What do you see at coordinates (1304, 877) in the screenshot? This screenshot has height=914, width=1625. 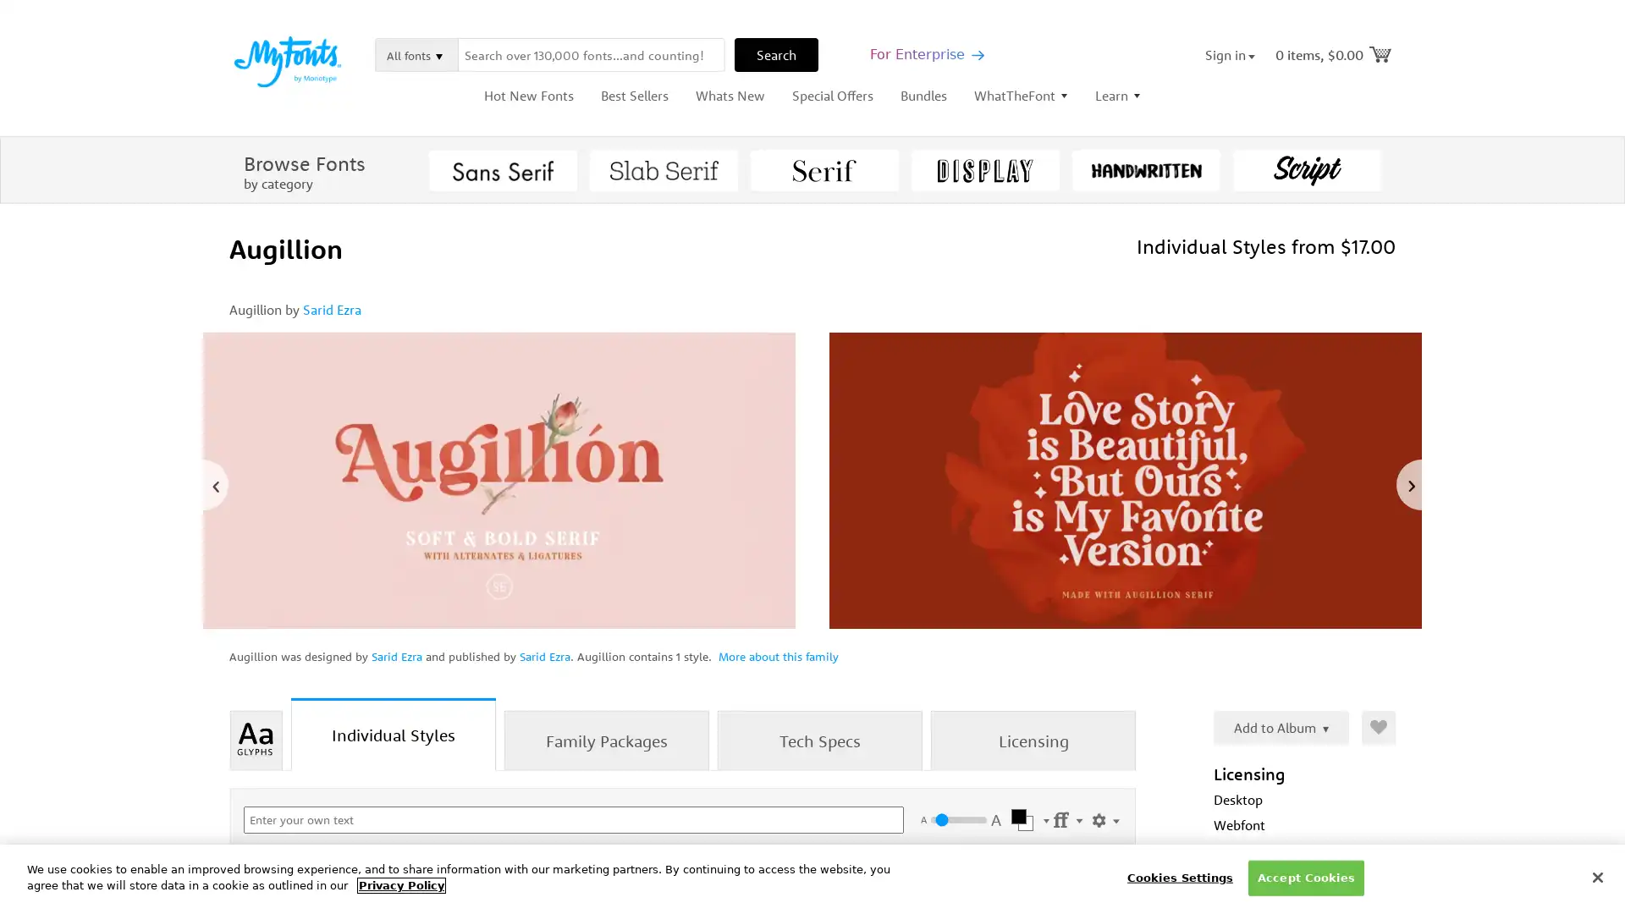 I see `Accept Cookies` at bounding box center [1304, 877].